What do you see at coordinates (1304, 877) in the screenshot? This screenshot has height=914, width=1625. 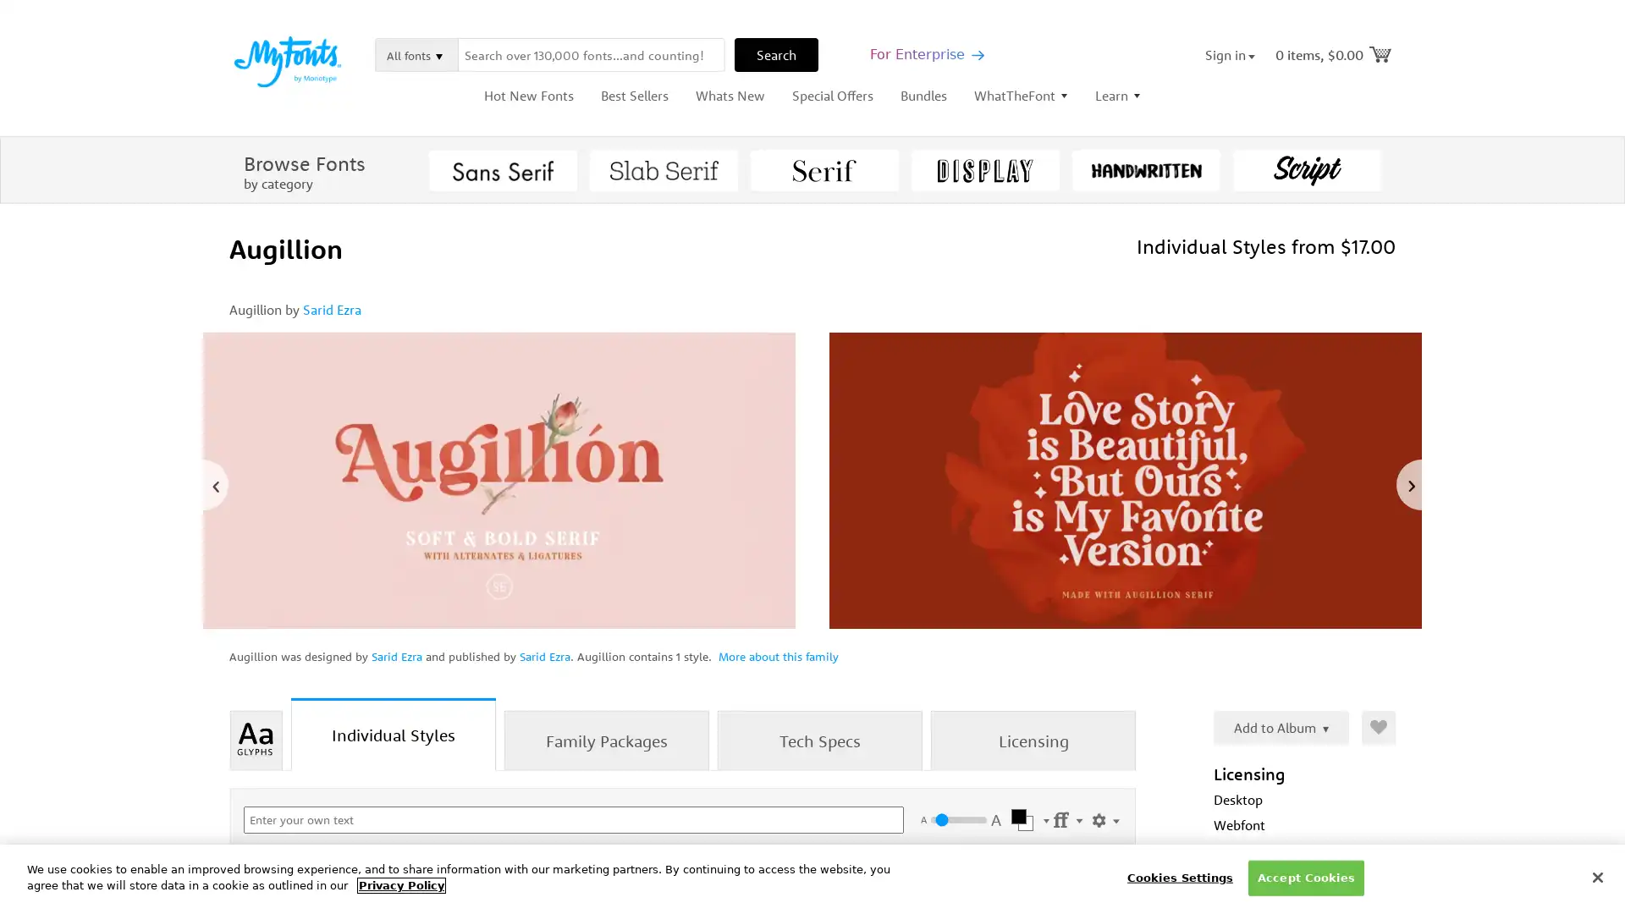 I see `Accept Cookies` at bounding box center [1304, 877].